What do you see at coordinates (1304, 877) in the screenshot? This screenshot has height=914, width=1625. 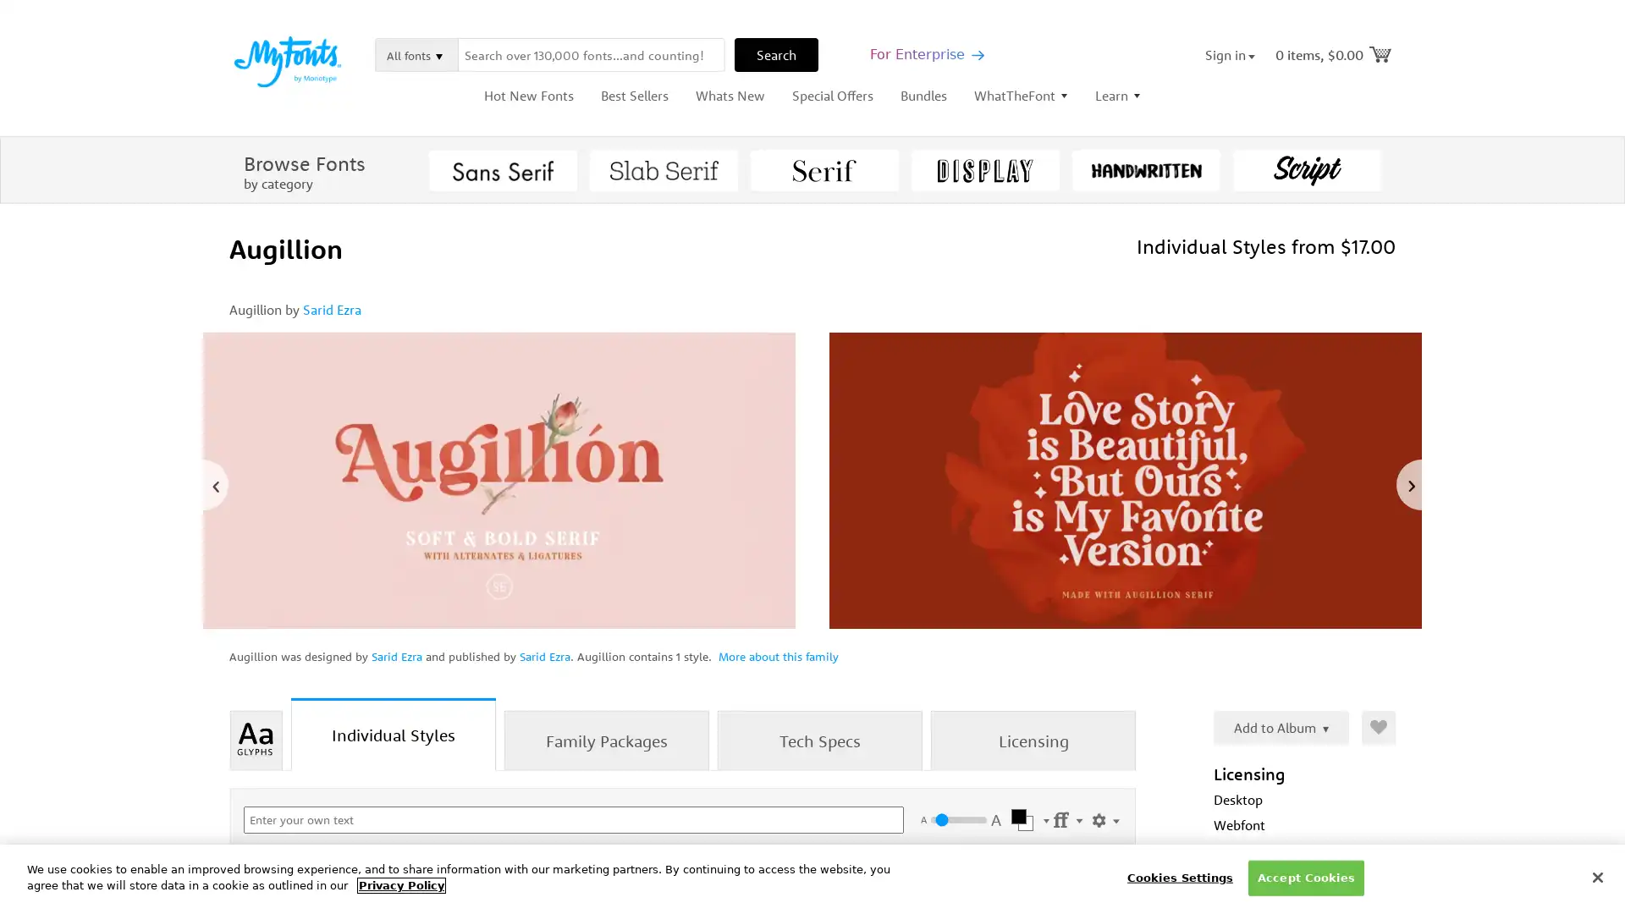 I see `Accept Cookies` at bounding box center [1304, 877].